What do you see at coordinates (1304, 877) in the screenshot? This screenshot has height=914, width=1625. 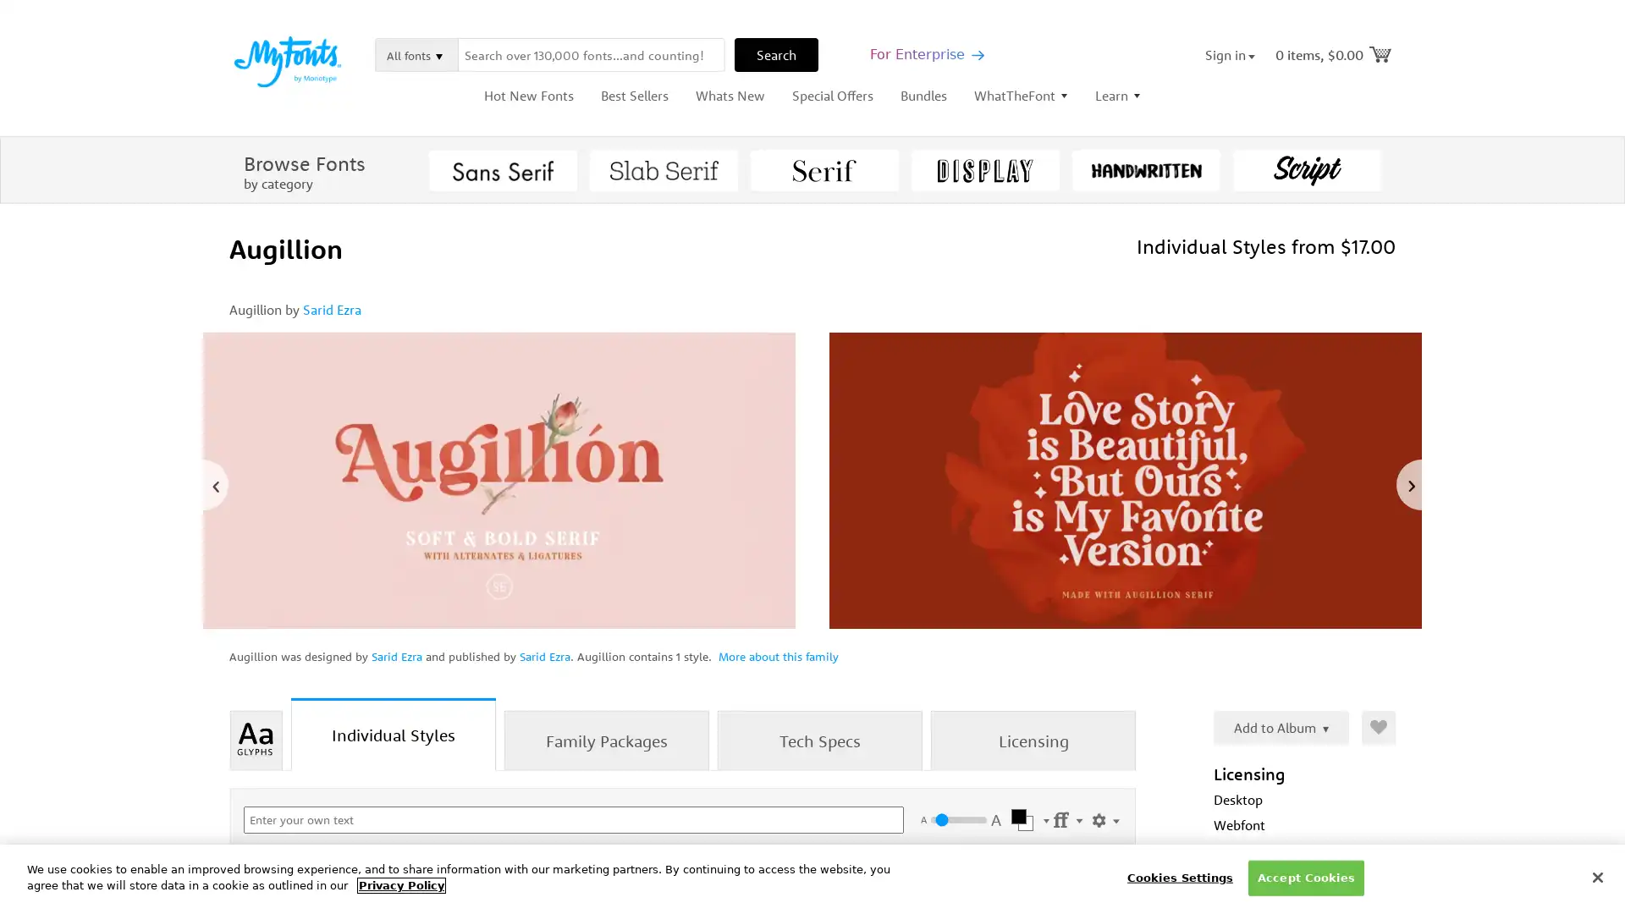 I see `Accept Cookies` at bounding box center [1304, 877].